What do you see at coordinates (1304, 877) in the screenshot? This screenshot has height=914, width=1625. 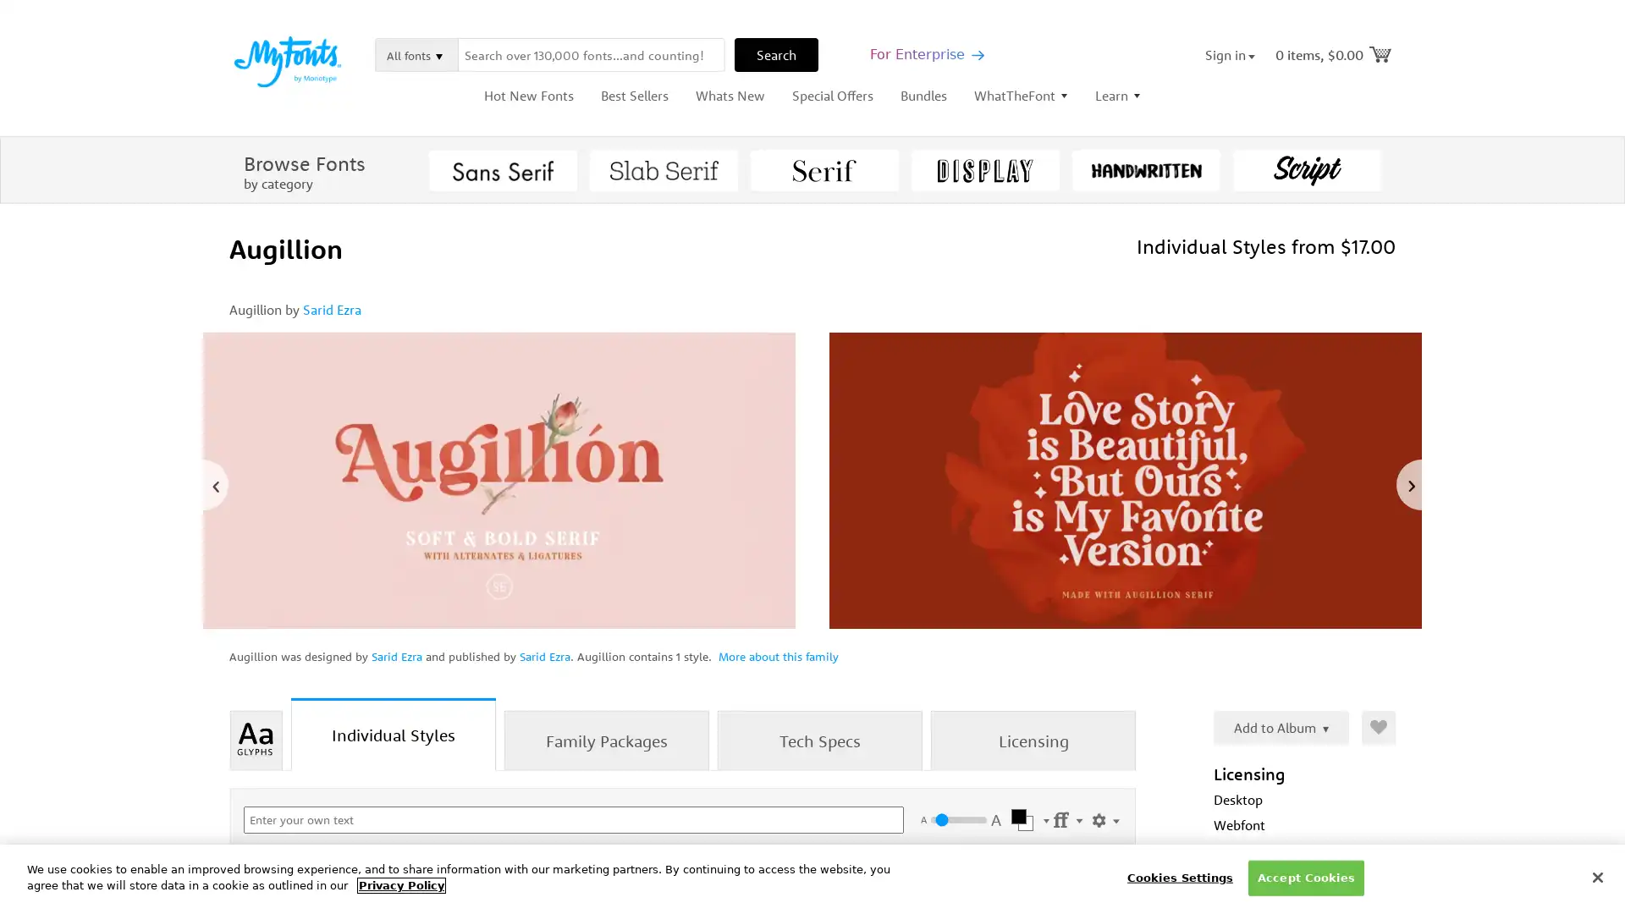 I see `Accept Cookies` at bounding box center [1304, 877].